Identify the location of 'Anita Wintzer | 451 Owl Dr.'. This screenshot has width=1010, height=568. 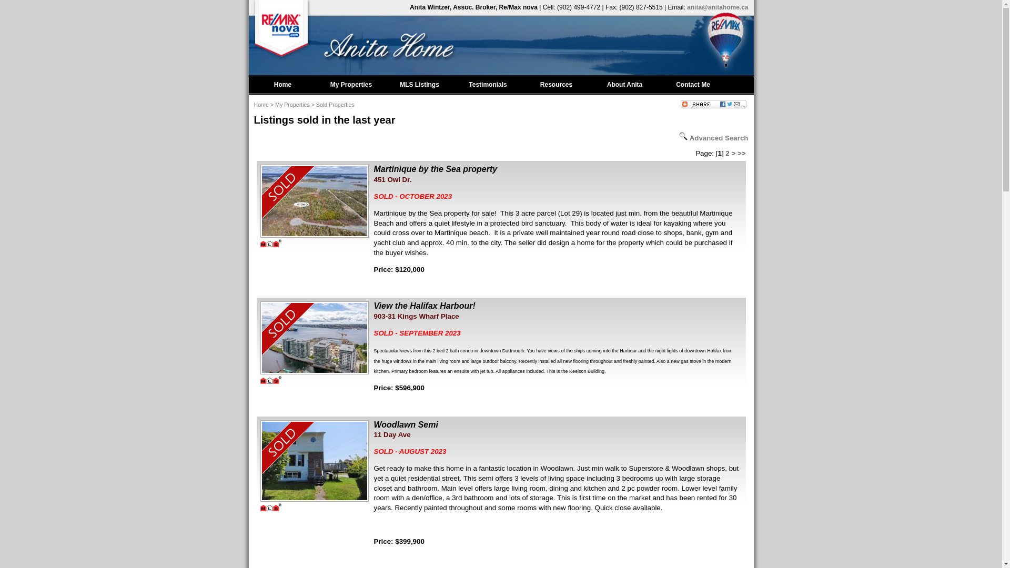
(313, 201).